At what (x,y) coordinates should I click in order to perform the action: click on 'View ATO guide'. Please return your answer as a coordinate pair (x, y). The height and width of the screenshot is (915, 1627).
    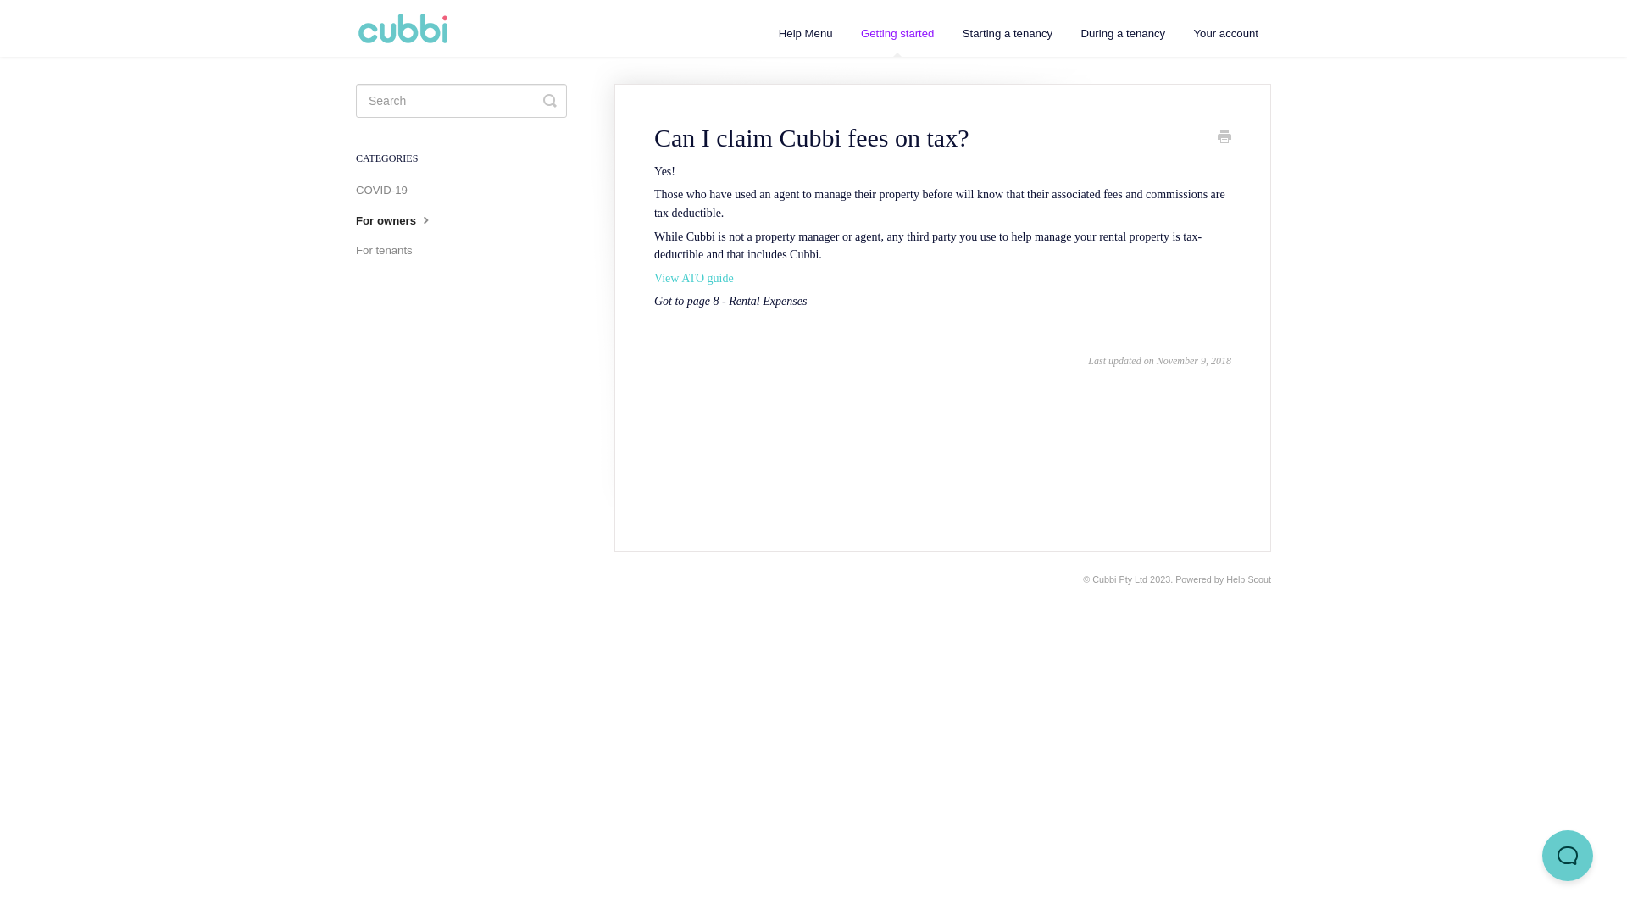
    Looking at the image, I should click on (653, 277).